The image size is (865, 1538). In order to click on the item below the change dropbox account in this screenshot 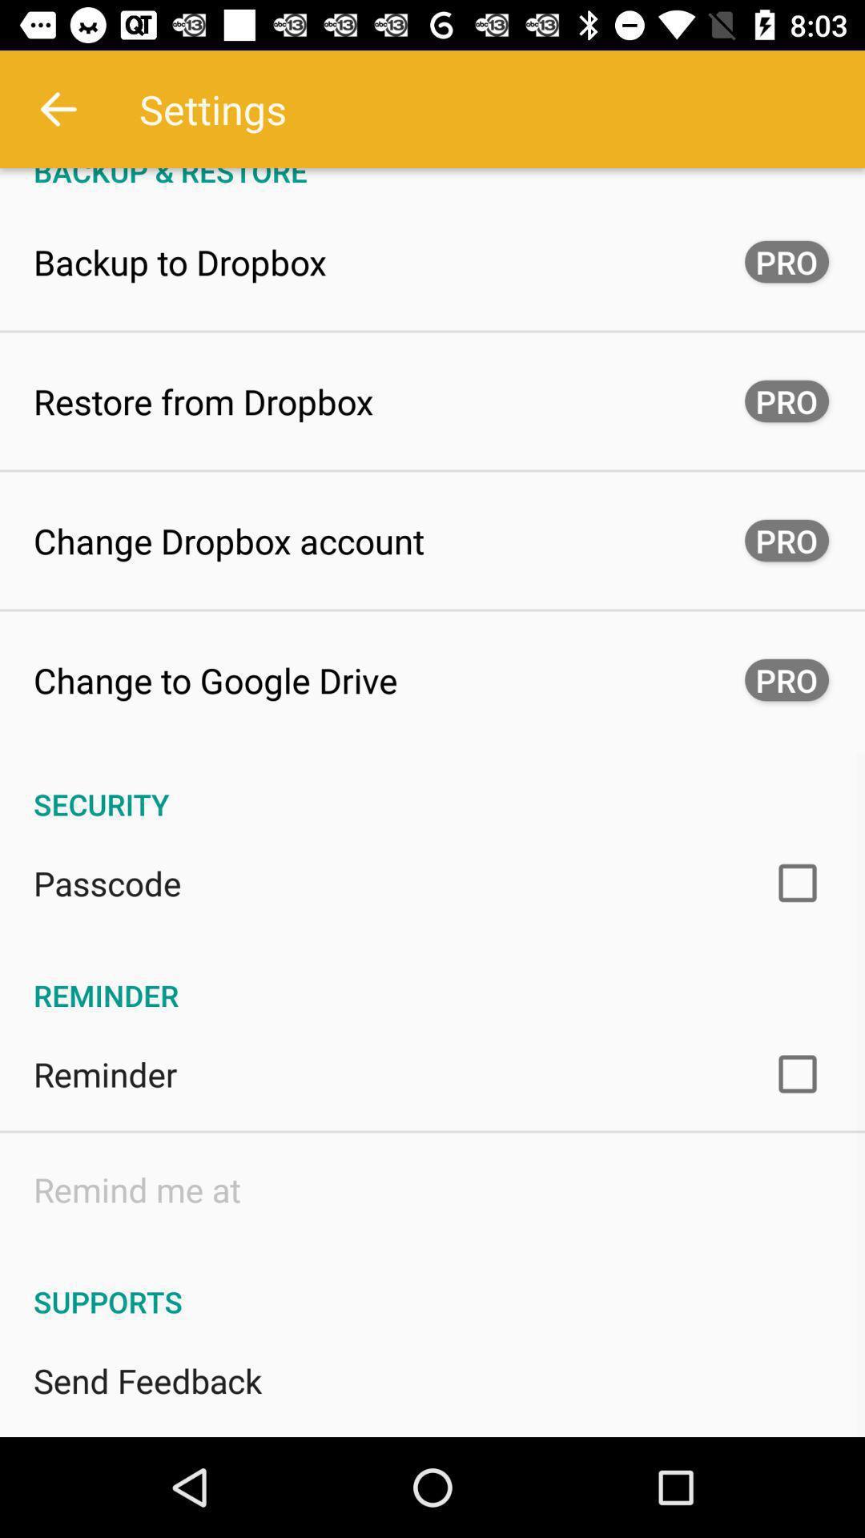, I will do `click(215, 680)`.